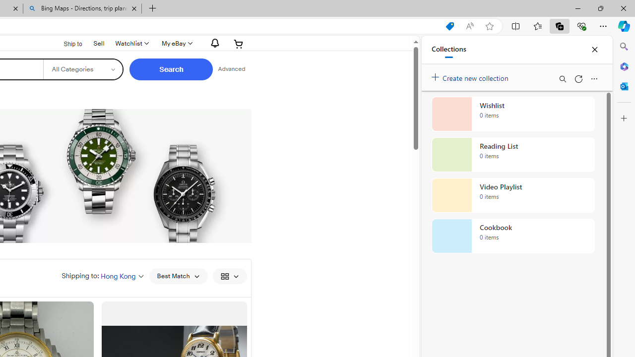 The width and height of the screenshot is (635, 357). Describe the element at coordinates (176, 43) in the screenshot. I see `'My eBay'` at that location.